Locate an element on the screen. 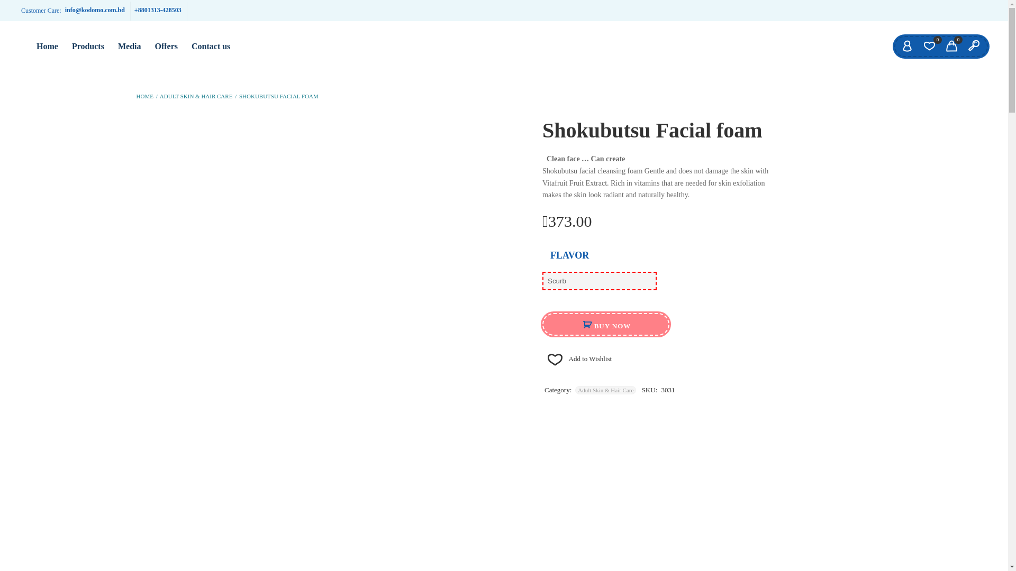  'Search' is located at coordinates (973, 46).